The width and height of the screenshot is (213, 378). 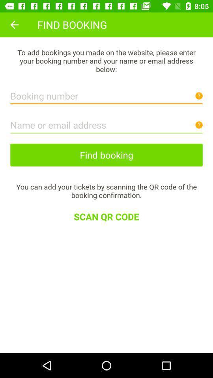 I want to click on booking number, so click(x=106, y=94).